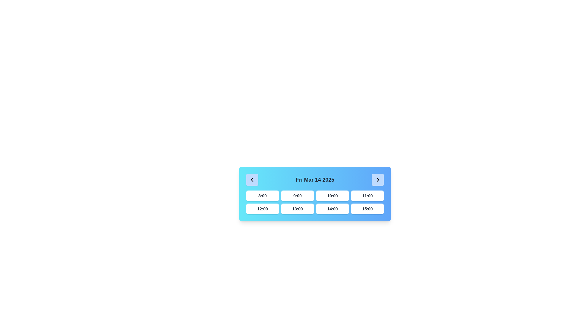 The image size is (569, 320). I want to click on the button displaying the time value '11:00' for accessibility navigation, so click(367, 196).